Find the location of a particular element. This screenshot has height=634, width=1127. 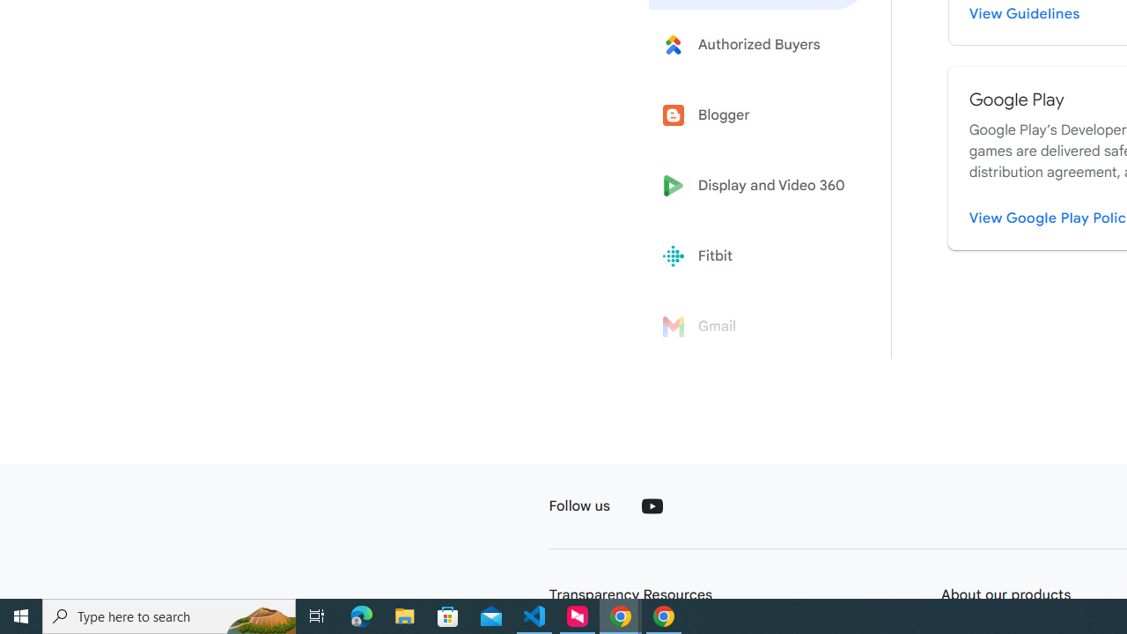

'Learn more about Authorized Buyers' is located at coordinates (759, 43).